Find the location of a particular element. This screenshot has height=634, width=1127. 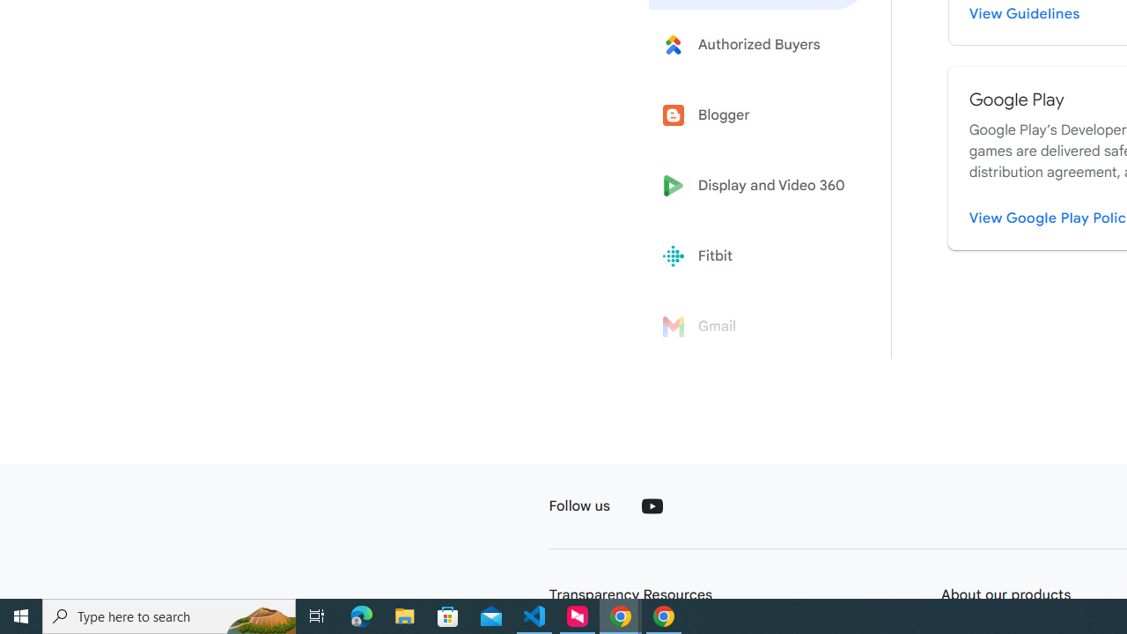

'Learn more about Authorized Buyers' is located at coordinates (759, 43).